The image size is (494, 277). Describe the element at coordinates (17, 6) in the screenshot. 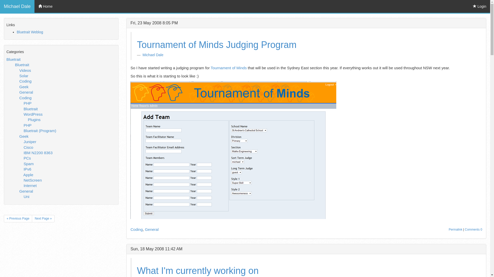

I see `'Michael Dale'` at that location.